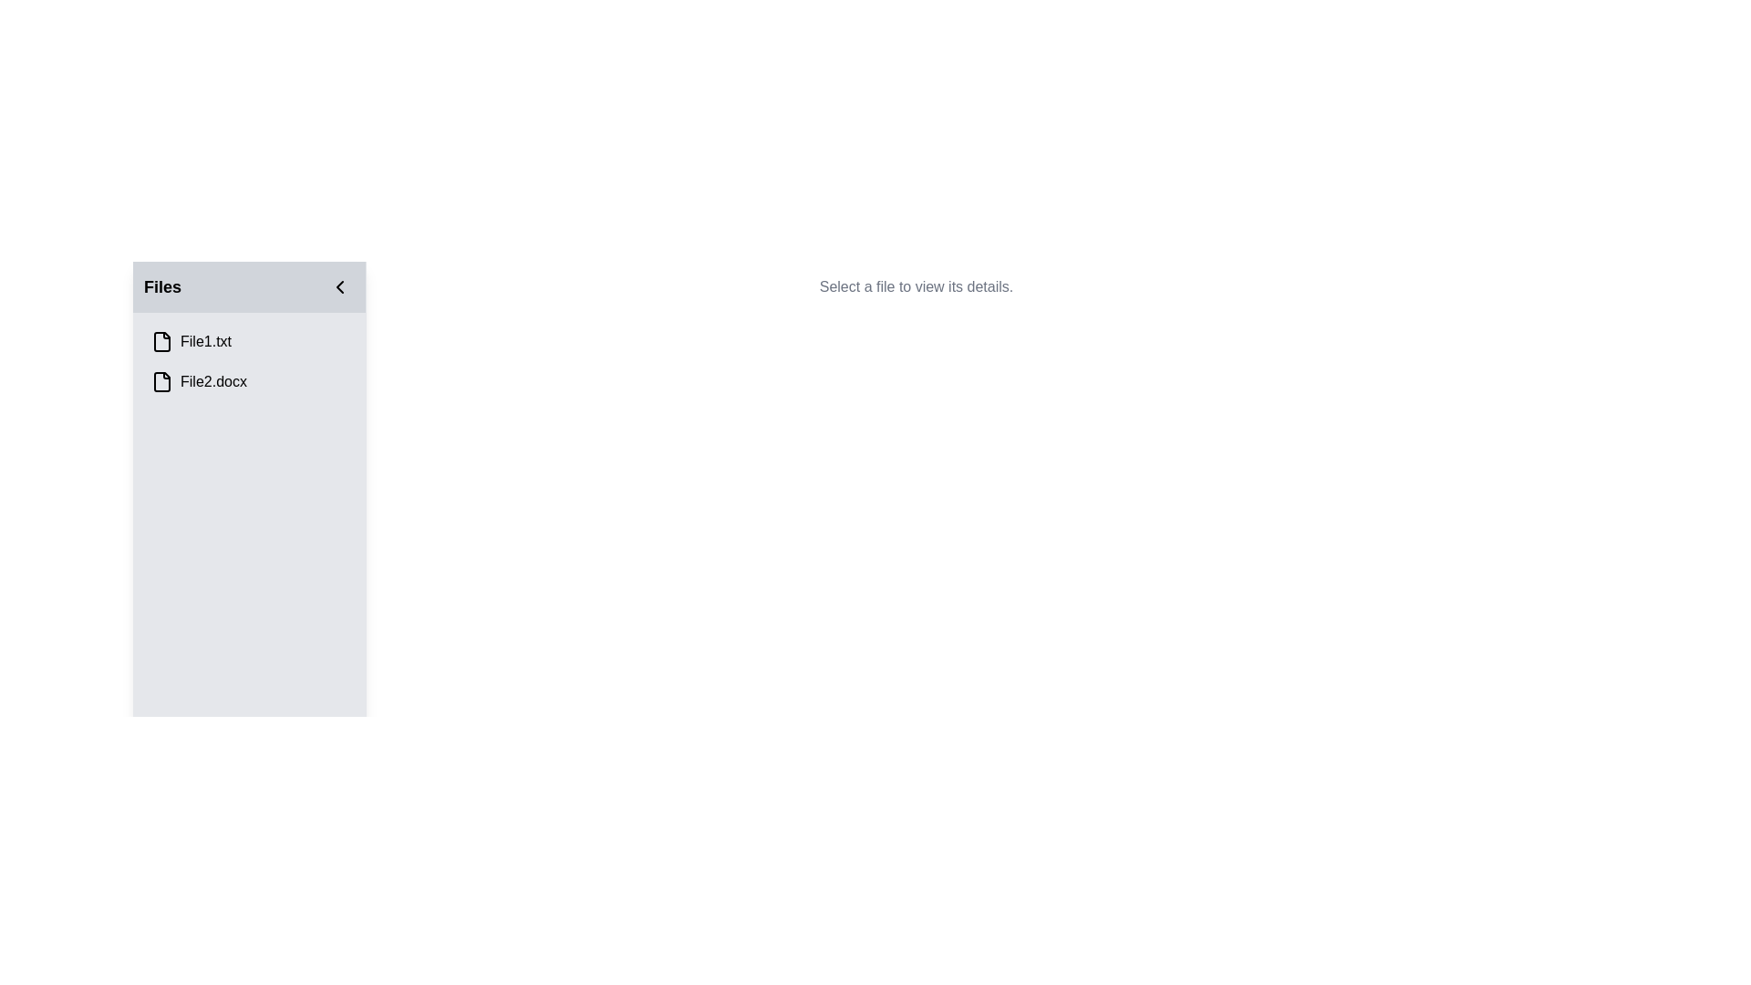  I want to click on the 'File1.txt' text label, which is the first item in the 'Files' section next, so click(205, 341).